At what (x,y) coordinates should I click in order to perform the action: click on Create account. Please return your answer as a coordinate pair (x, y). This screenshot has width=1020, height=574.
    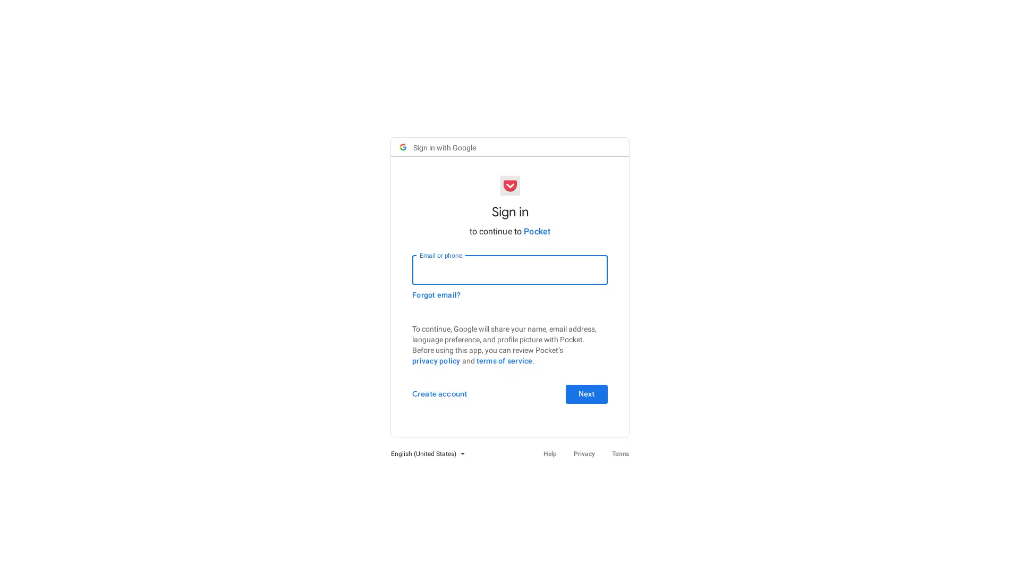
    Looking at the image, I should click on (439, 393).